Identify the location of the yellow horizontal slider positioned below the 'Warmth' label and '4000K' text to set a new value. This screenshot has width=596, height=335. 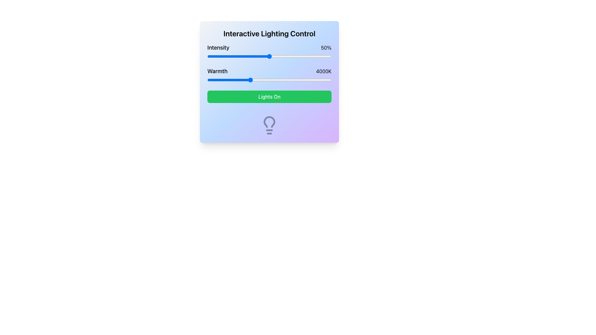
(269, 80).